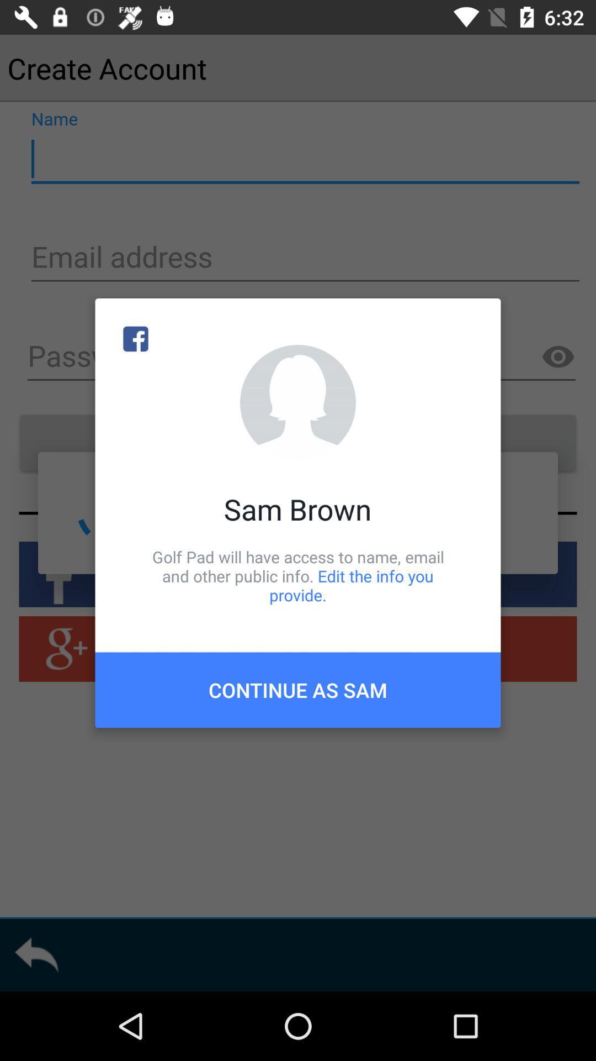  Describe the element at coordinates (298, 689) in the screenshot. I see `item below golf pad will icon` at that location.